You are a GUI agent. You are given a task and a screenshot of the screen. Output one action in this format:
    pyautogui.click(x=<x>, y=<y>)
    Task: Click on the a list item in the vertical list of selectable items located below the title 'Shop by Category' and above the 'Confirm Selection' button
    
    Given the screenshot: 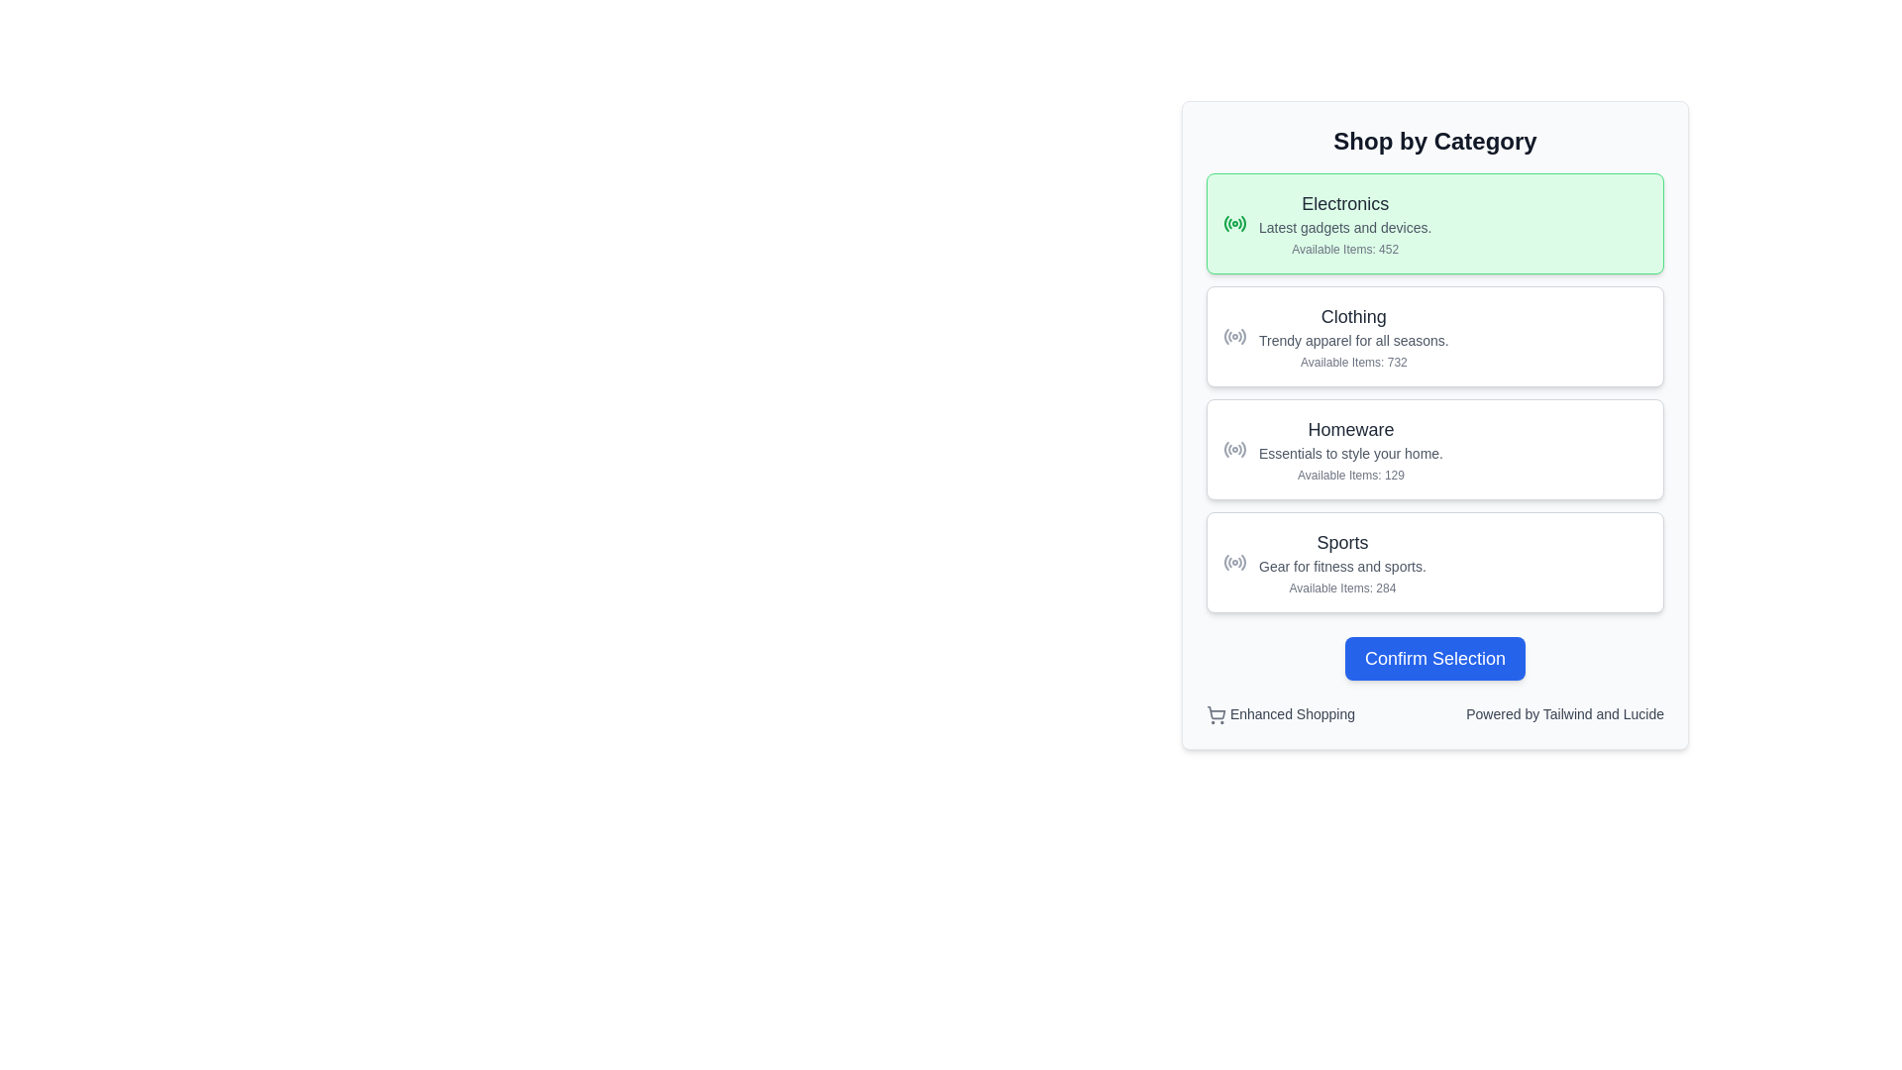 What is the action you would take?
    pyautogui.click(x=1435, y=393)
    